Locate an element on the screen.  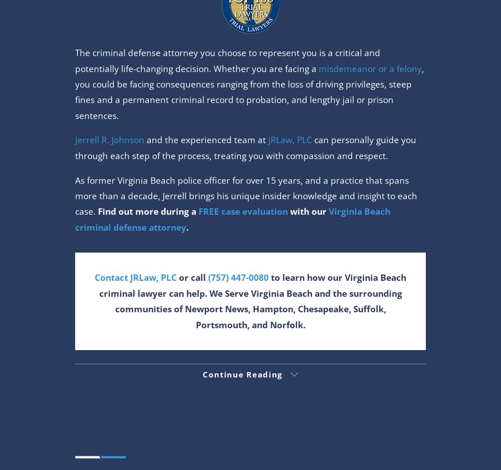
'Schedule Consultation Today' is located at coordinates (250, 312).